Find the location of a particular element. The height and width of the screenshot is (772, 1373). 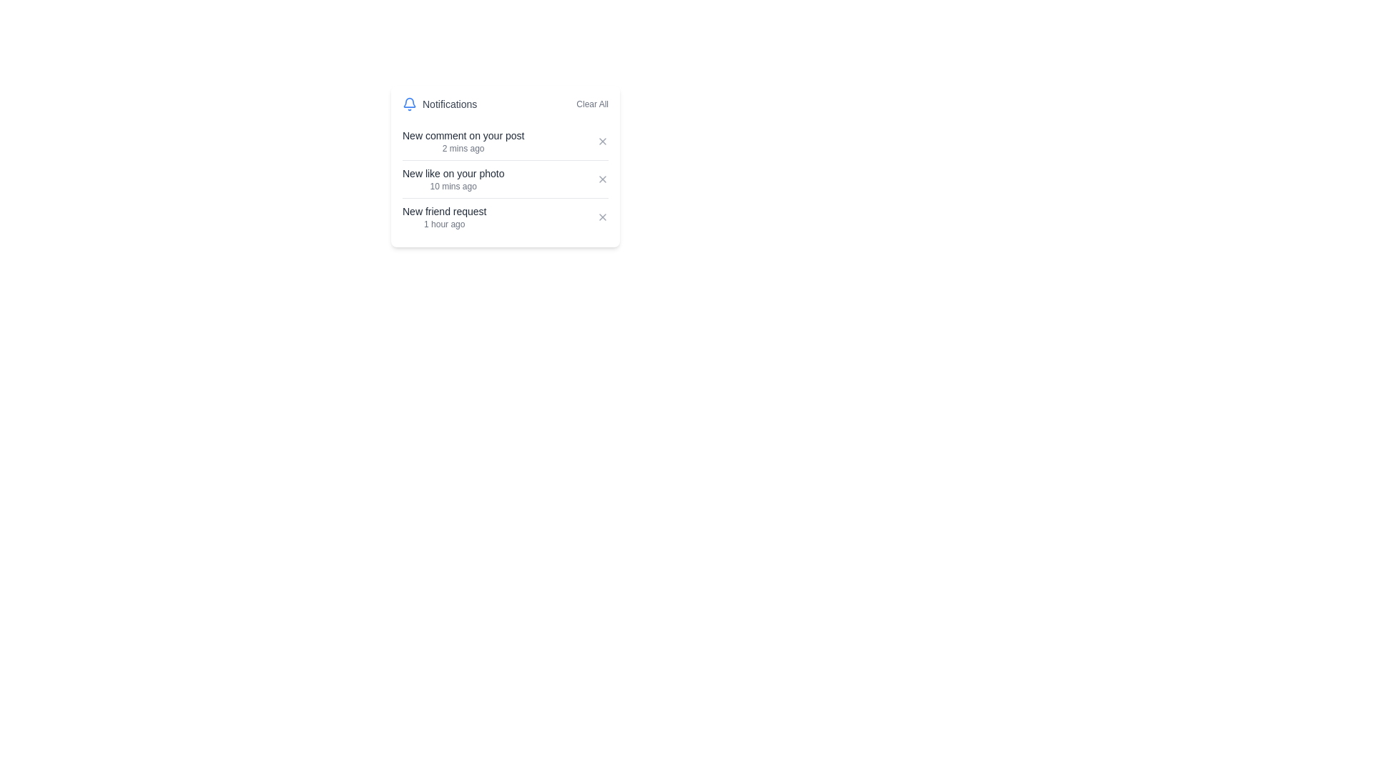

the Timestamp text that displays '10 mins ago', which is styled in a smaller gray font and located directly below the 'New like on your photo' text in the notifications list is located at coordinates (453, 186).